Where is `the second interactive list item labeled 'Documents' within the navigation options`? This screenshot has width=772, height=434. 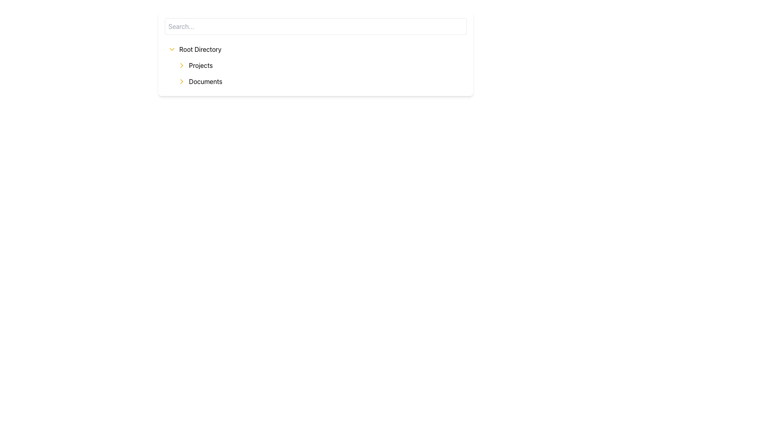
the second interactive list item labeled 'Documents' within the navigation options is located at coordinates (315, 82).